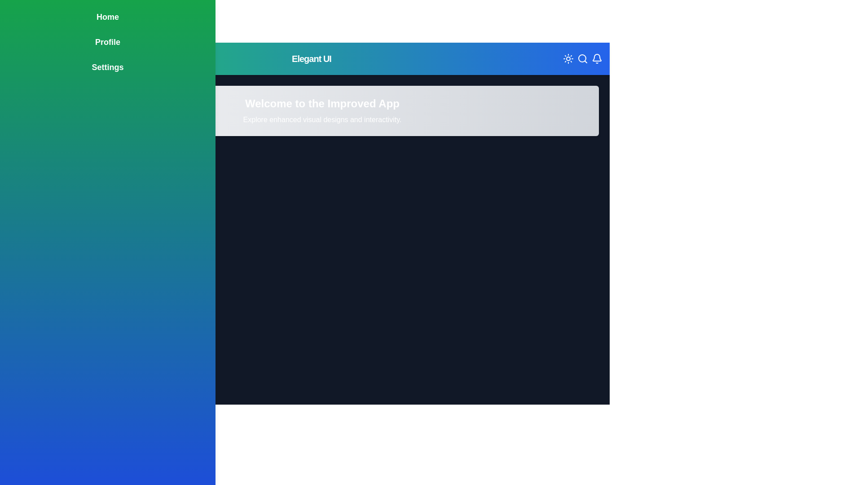 The width and height of the screenshot is (862, 485). Describe the element at coordinates (568, 59) in the screenshot. I see `the theme toggle button to switch between dark and light modes` at that location.